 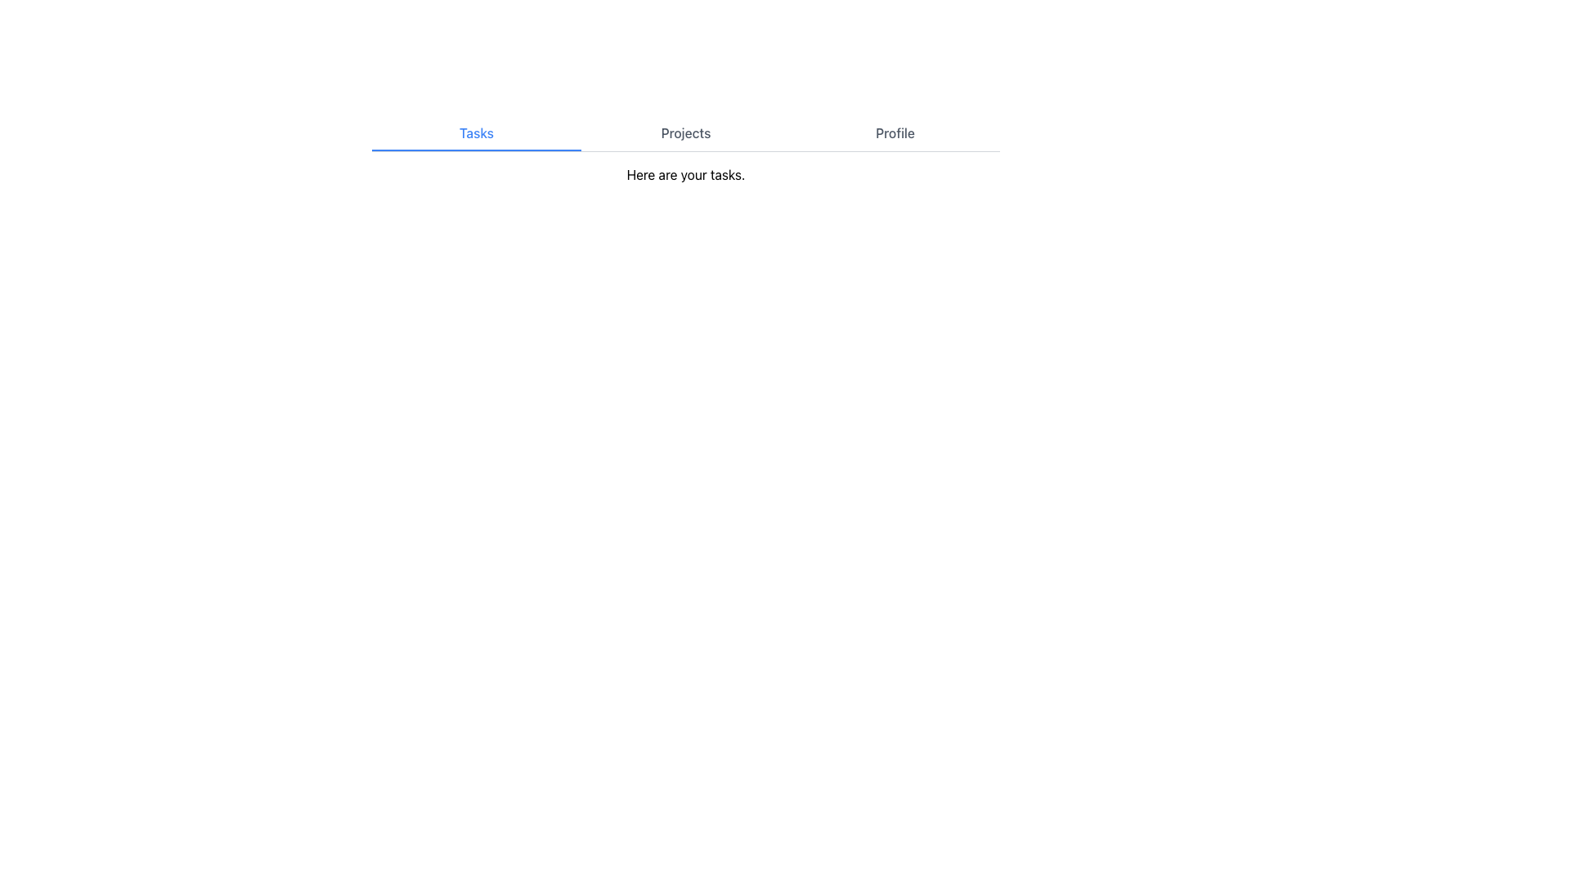 I want to click on the Text Label displaying 'Here are your tasks.' which is located below the navigation tabs, so click(x=686, y=174).